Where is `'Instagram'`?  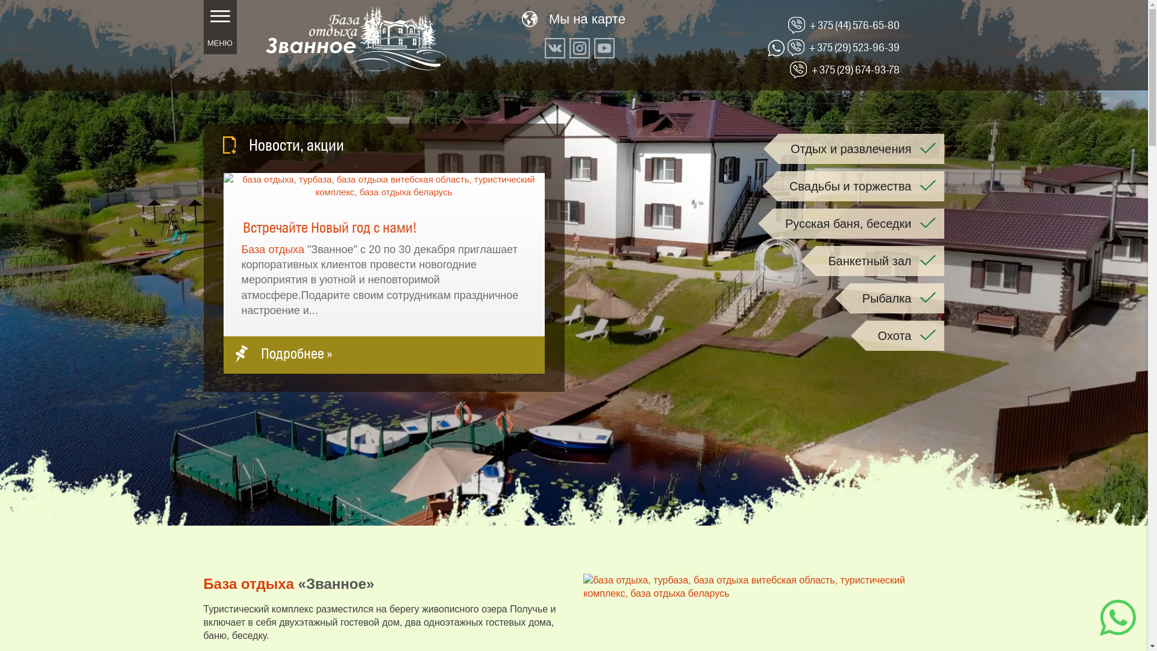
'Instagram' is located at coordinates (579, 48).